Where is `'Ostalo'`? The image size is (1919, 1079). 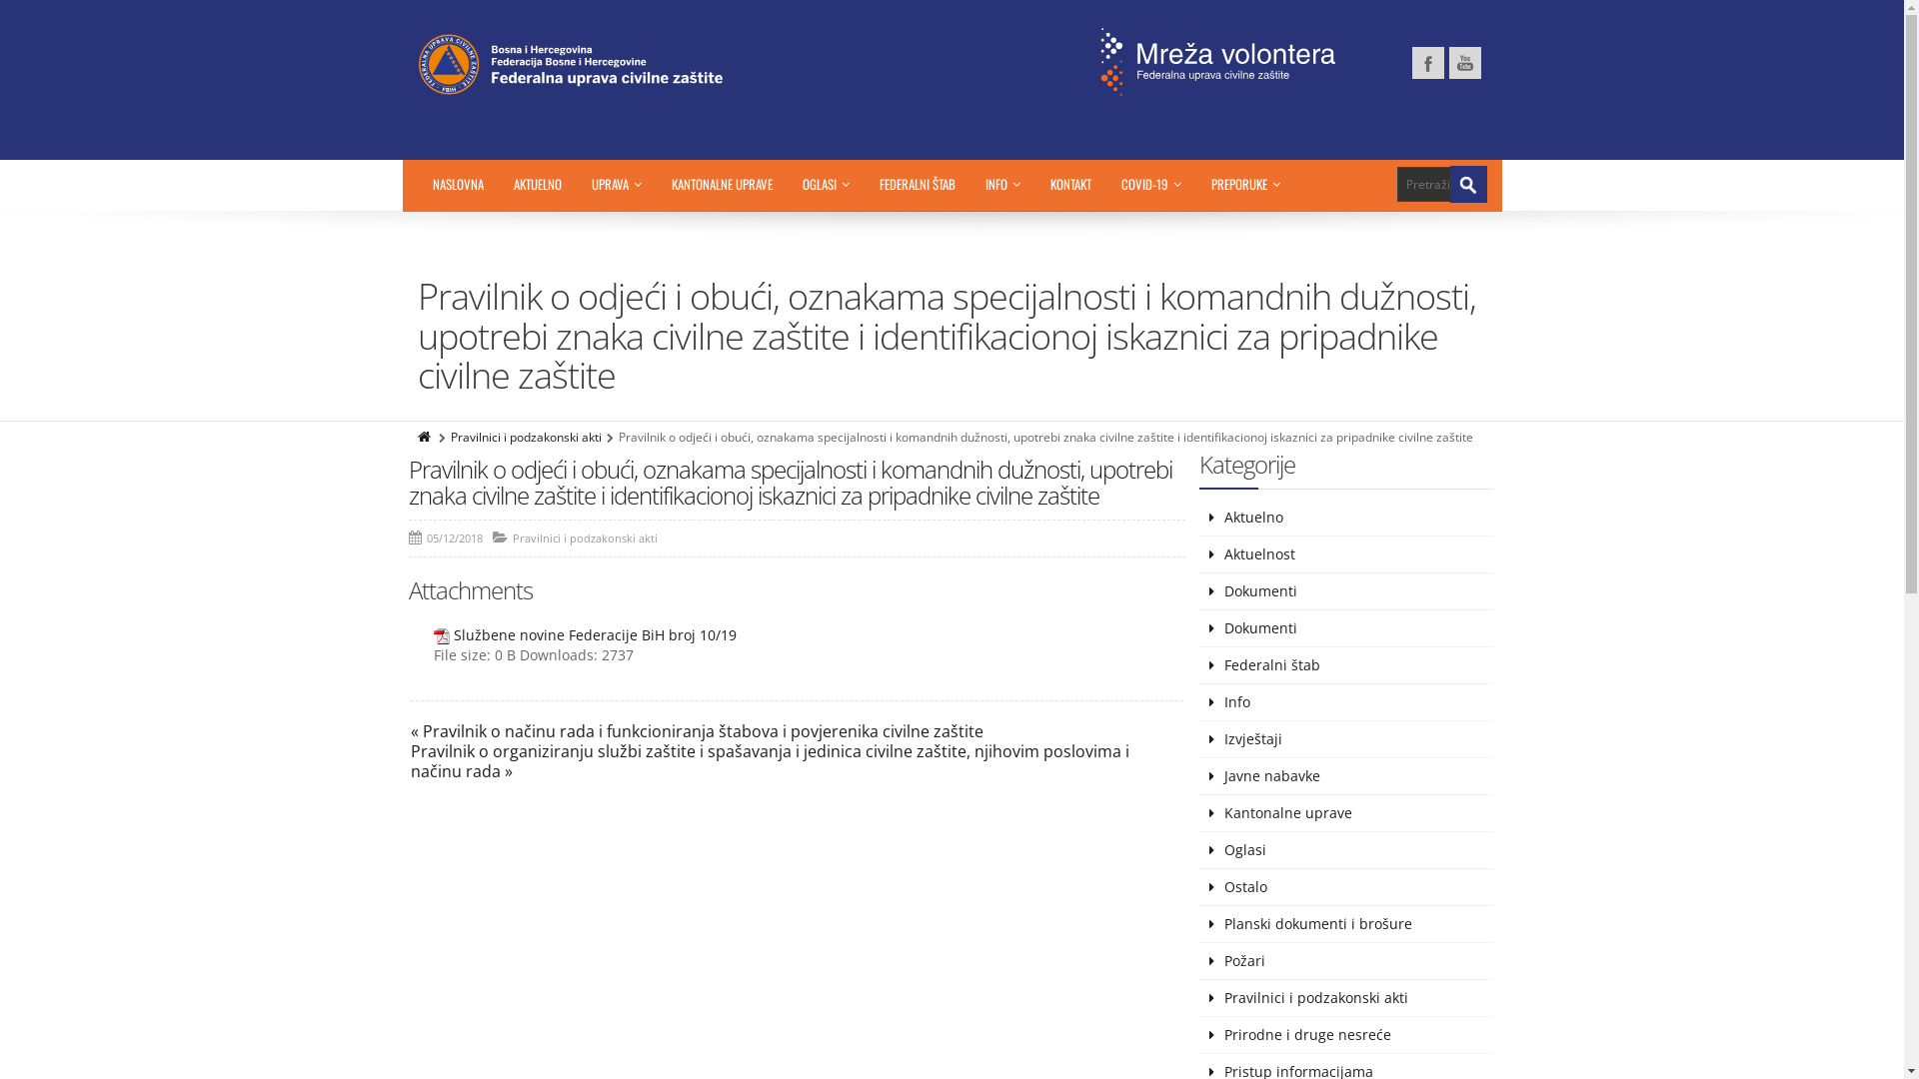
'Ostalo' is located at coordinates (1346, 886).